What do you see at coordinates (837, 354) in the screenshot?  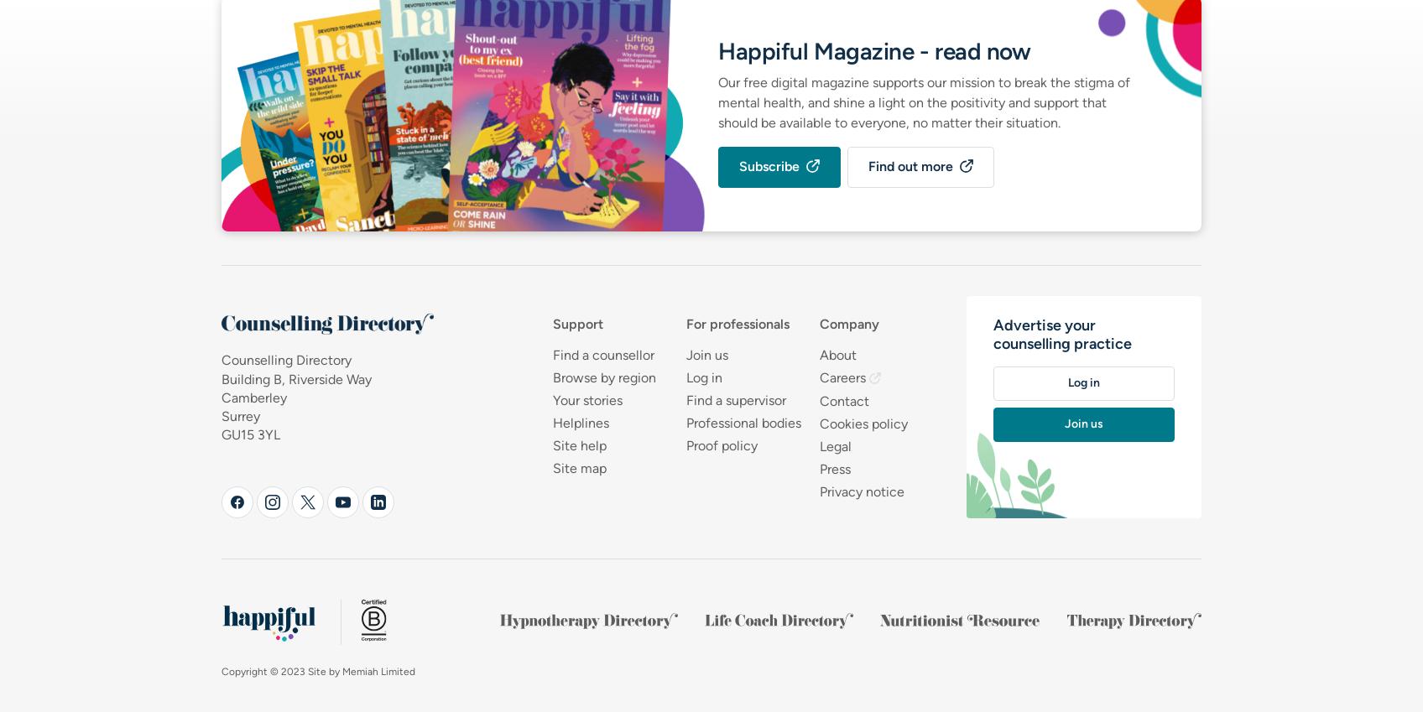 I see `'About'` at bounding box center [837, 354].